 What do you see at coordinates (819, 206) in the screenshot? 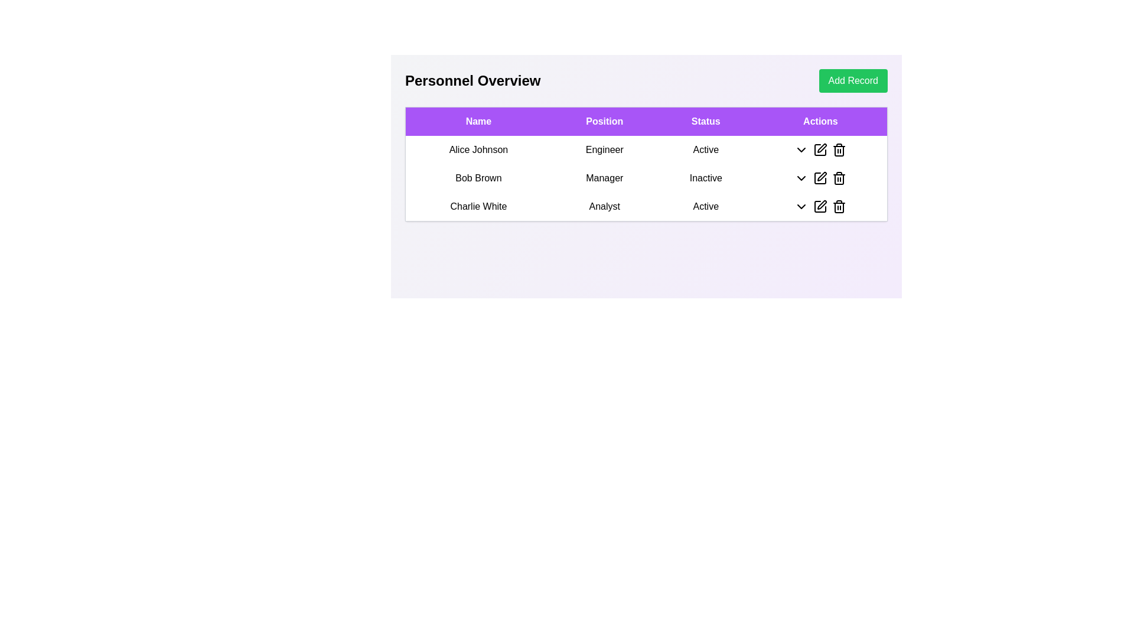
I see `the pencil icon in the Action Button Group for the row entry of 'Charlie White'` at bounding box center [819, 206].